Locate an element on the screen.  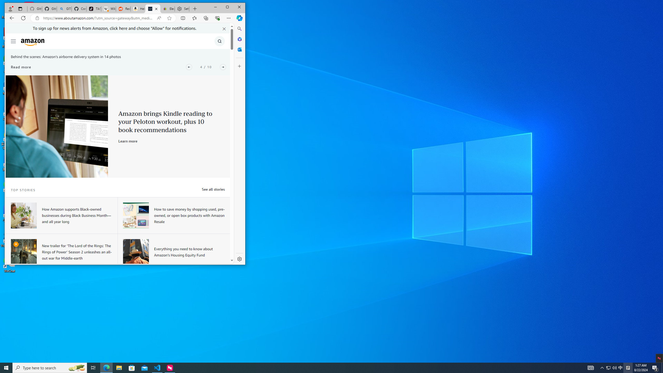
'Previous' is located at coordinates (189, 67).